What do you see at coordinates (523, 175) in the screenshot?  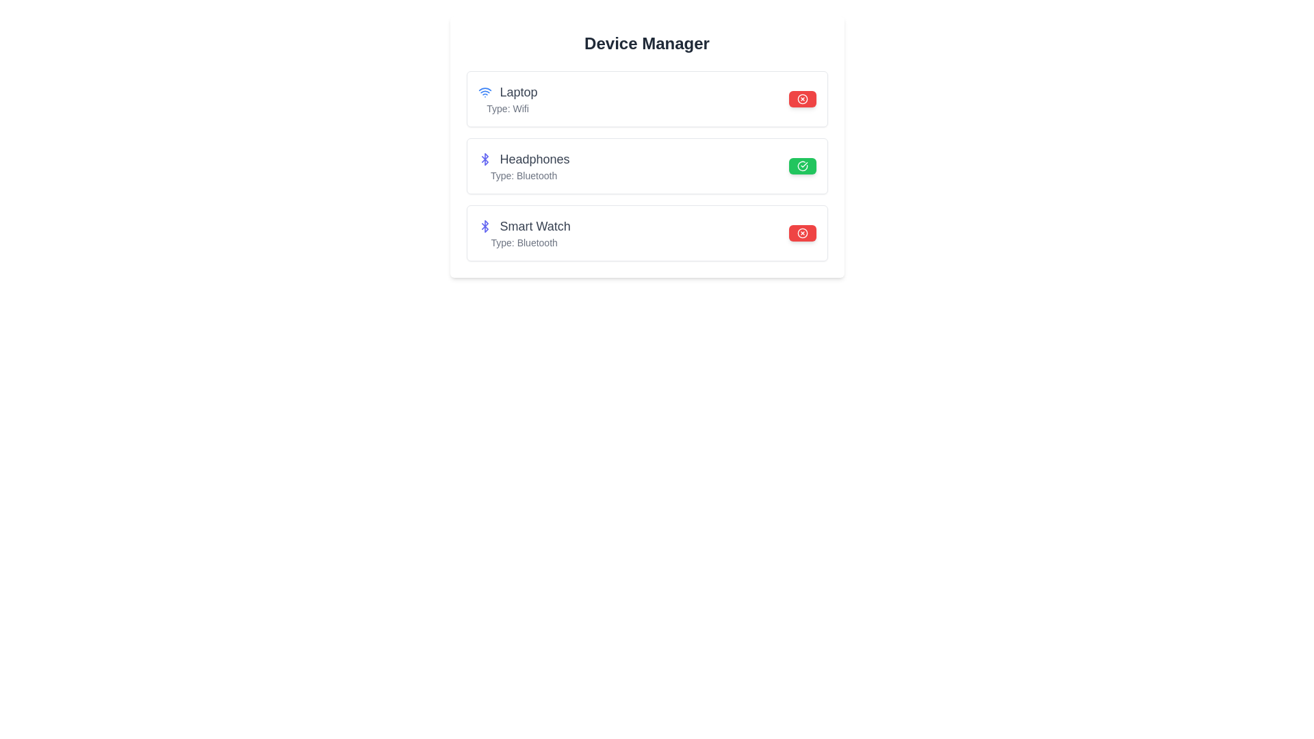 I see `the Text label that indicates Bluetooth connectivity, located beneath the title 'Headphones' in the device list` at bounding box center [523, 175].